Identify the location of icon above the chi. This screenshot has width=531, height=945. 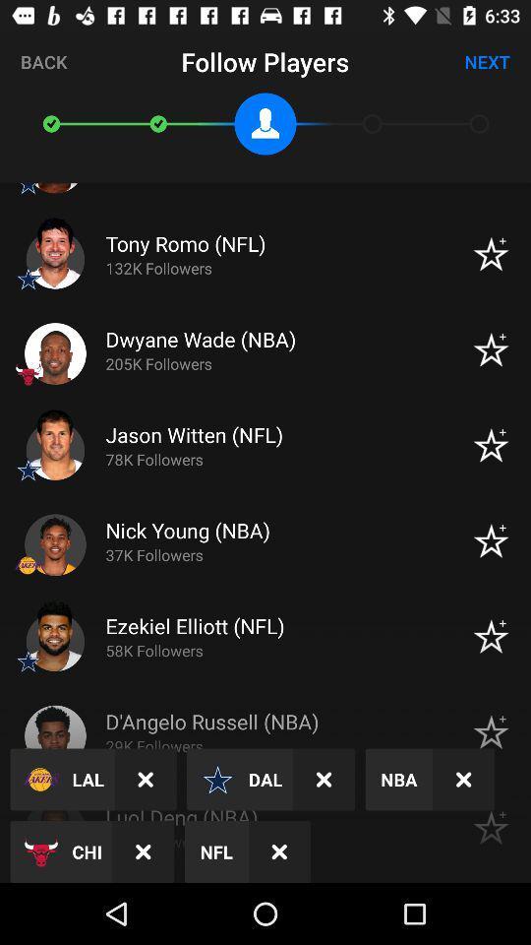
(145, 780).